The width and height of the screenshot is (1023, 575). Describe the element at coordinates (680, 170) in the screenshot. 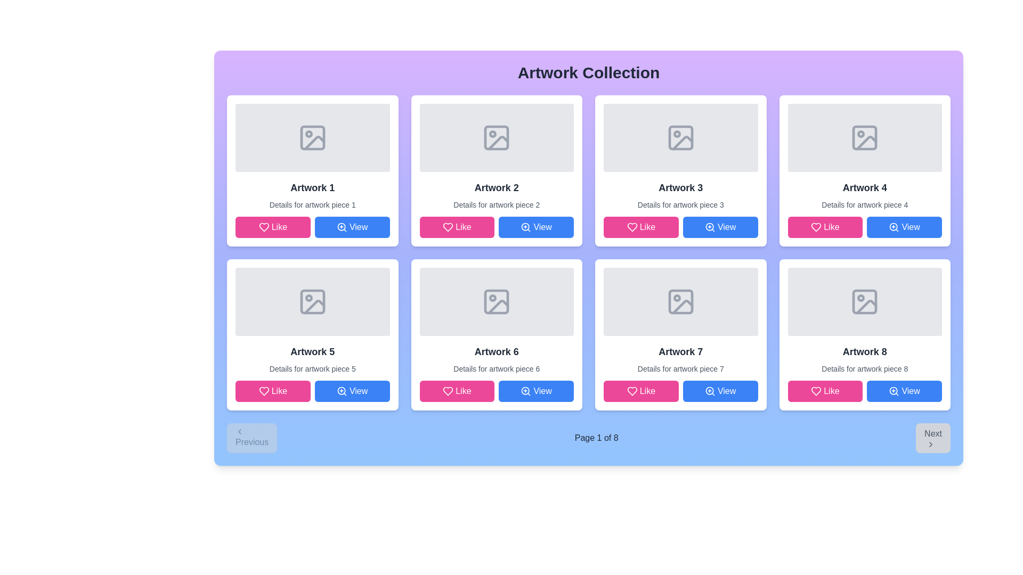

I see `to select the card labeled 'Artwork 3', which is the third card in the first row of a 4x2 grid layout` at that location.